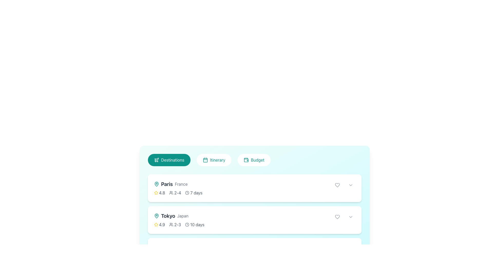  I want to click on the gray chevron-down icon in the second card, so click(350, 217).